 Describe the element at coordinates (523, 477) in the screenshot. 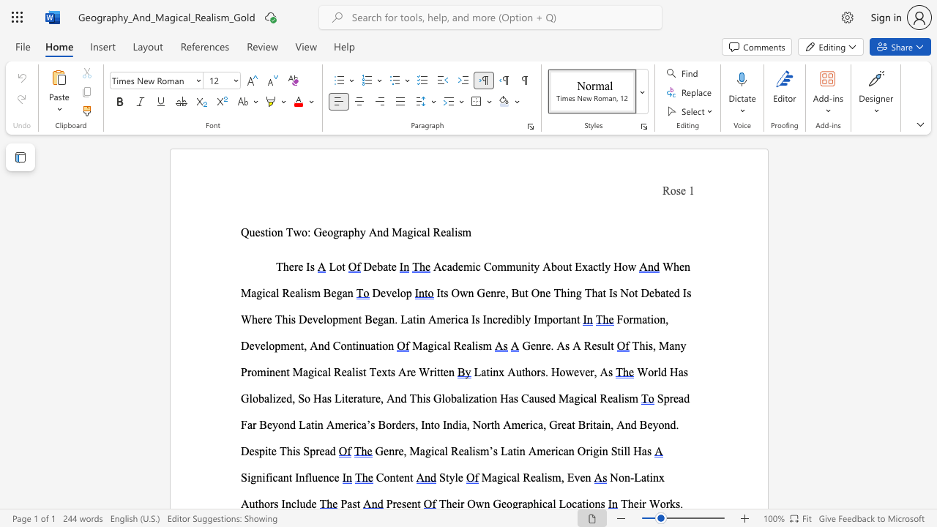

I see `the subset text "Realism, E" within the text "Magical Realism, Even"` at that location.